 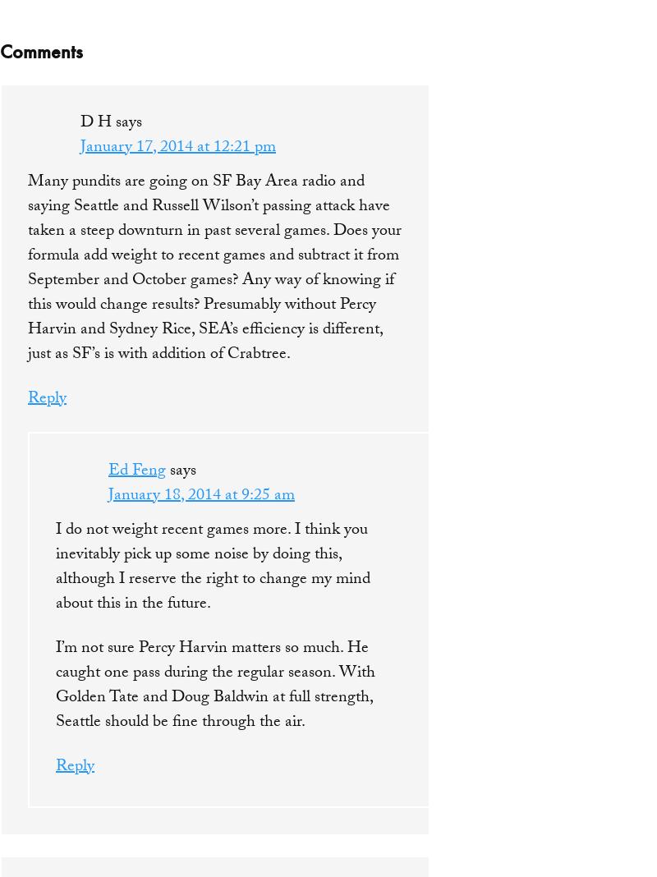 What do you see at coordinates (56, 567) in the screenshot?
I see `'I do not weight recent games more.  I think you inevitably pick up some noise by doing this, although I reserve the right to change my mind about this in the future.'` at bounding box center [56, 567].